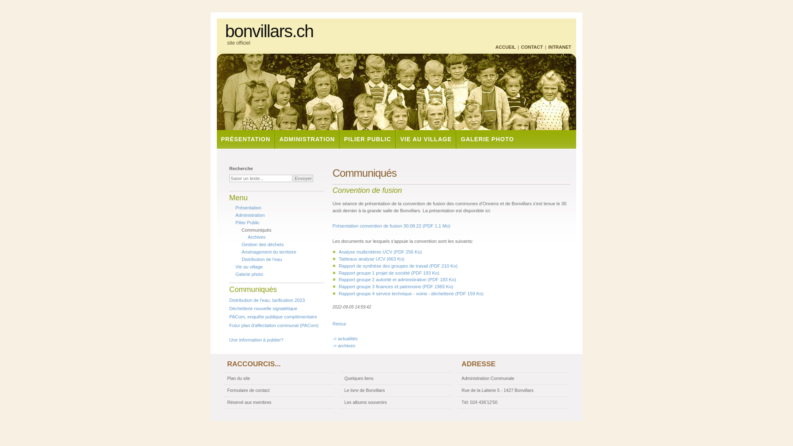  I want to click on 'INTRANET', so click(559, 47).